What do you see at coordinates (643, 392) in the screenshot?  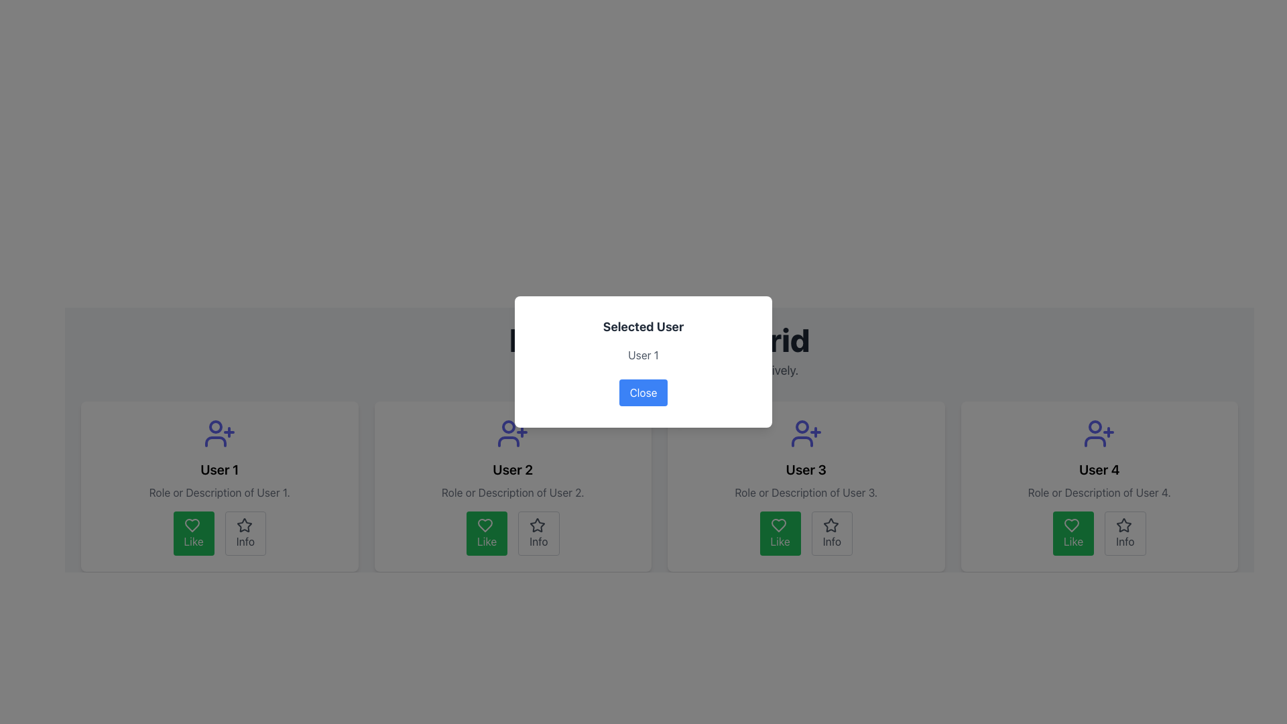 I see `the 'Close' button with a blue background and rounded corners located at the bottom-center of the confirmation dialog box` at bounding box center [643, 392].